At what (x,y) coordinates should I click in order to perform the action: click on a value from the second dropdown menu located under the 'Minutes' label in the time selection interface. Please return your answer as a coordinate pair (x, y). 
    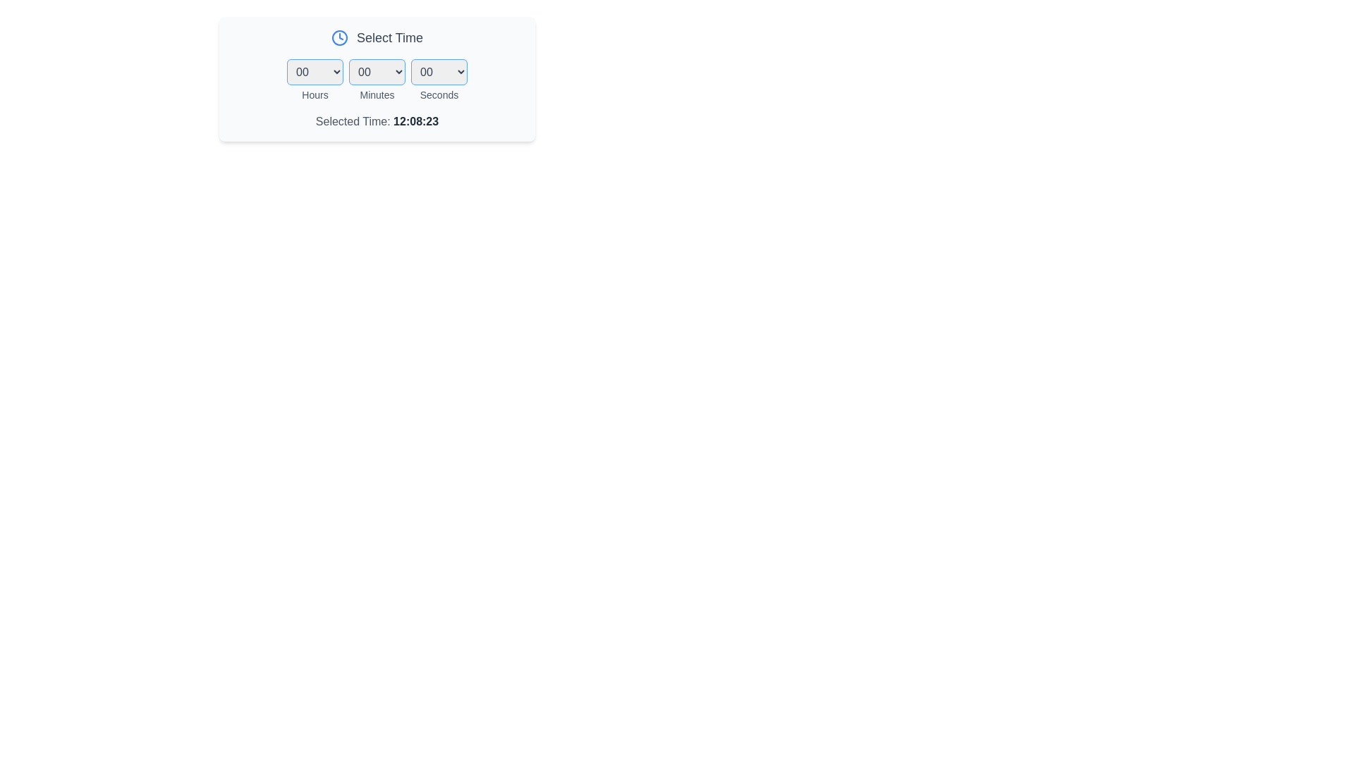
    Looking at the image, I should click on (377, 80).